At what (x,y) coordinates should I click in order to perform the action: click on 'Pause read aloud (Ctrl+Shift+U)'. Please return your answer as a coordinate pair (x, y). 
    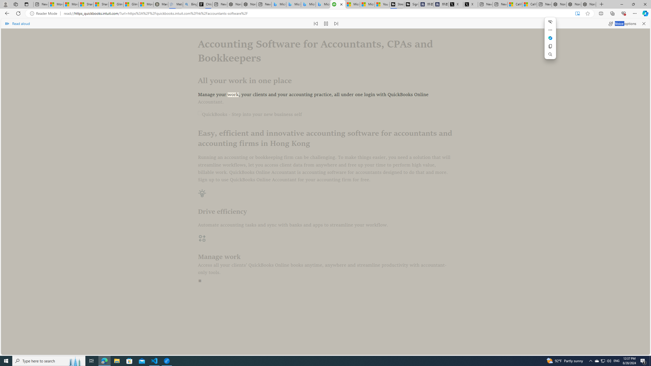
    Looking at the image, I should click on (326, 23).